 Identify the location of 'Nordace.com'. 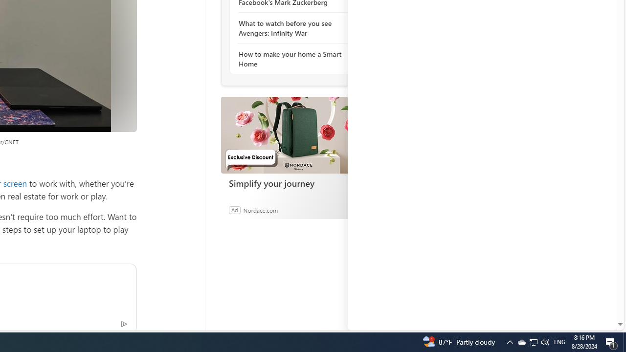
(260, 209).